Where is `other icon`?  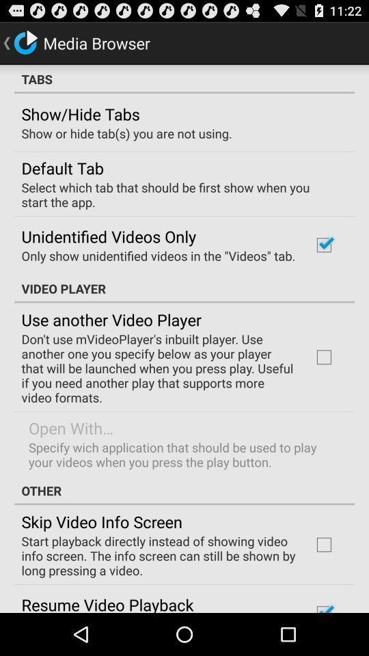
other icon is located at coordinates (184, 491).